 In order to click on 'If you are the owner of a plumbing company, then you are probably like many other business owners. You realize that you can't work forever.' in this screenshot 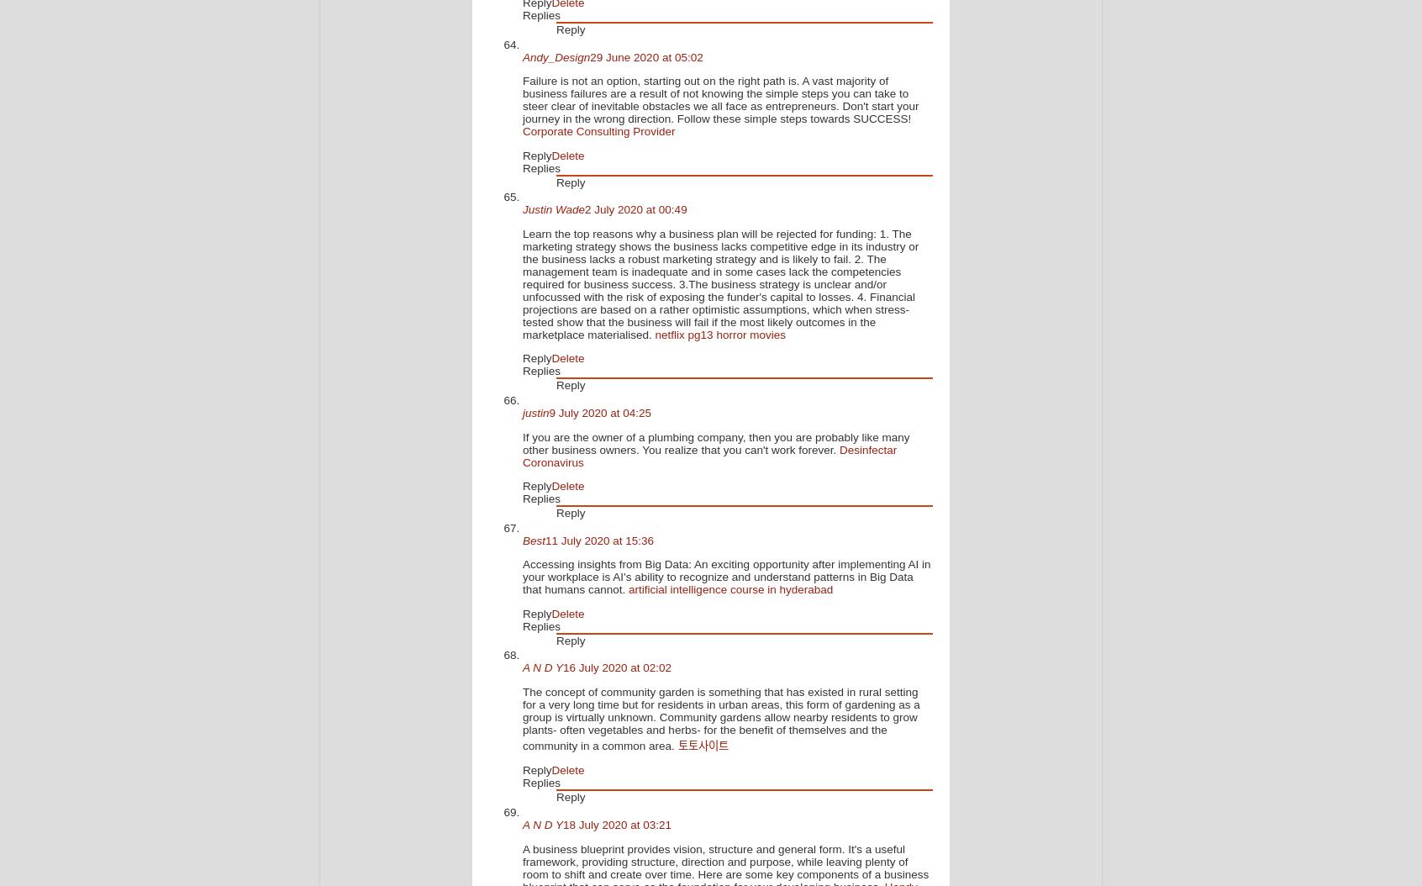, I will do `click(714, 443)`.